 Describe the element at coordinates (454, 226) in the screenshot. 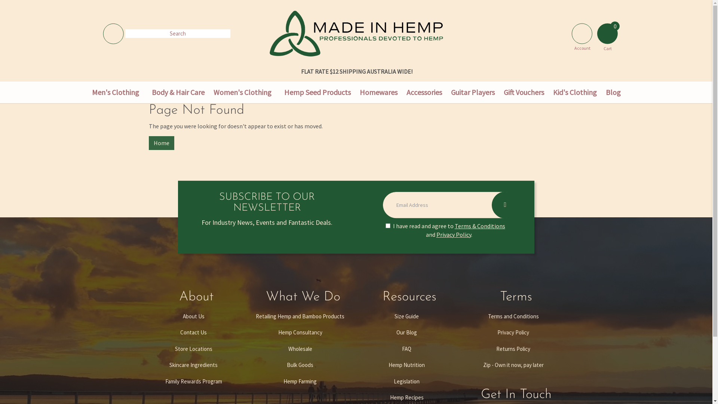

I see `'Terms & Conditions'` at that location.